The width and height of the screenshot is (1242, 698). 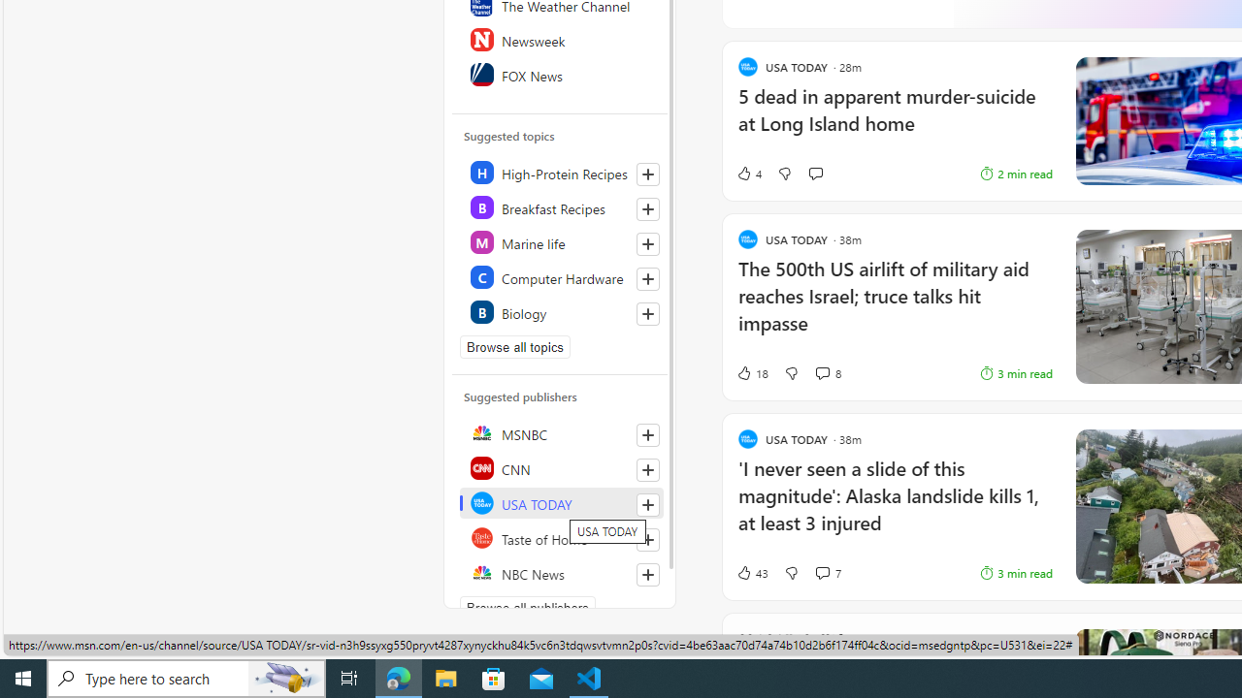 What do you see at coordinates (560, 40) in the screenshot?
I see `'Newsweek'` at bounding box center [560, 40].